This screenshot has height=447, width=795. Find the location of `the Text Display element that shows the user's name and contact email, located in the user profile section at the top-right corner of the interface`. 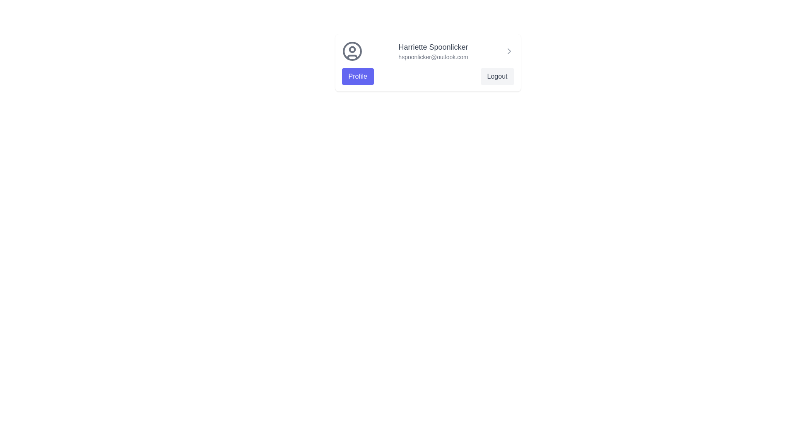

the Text Display element that shows the user's name and contact email, located in the user profile section at the top-right corner of the interface is located at coordinates (433, 51).